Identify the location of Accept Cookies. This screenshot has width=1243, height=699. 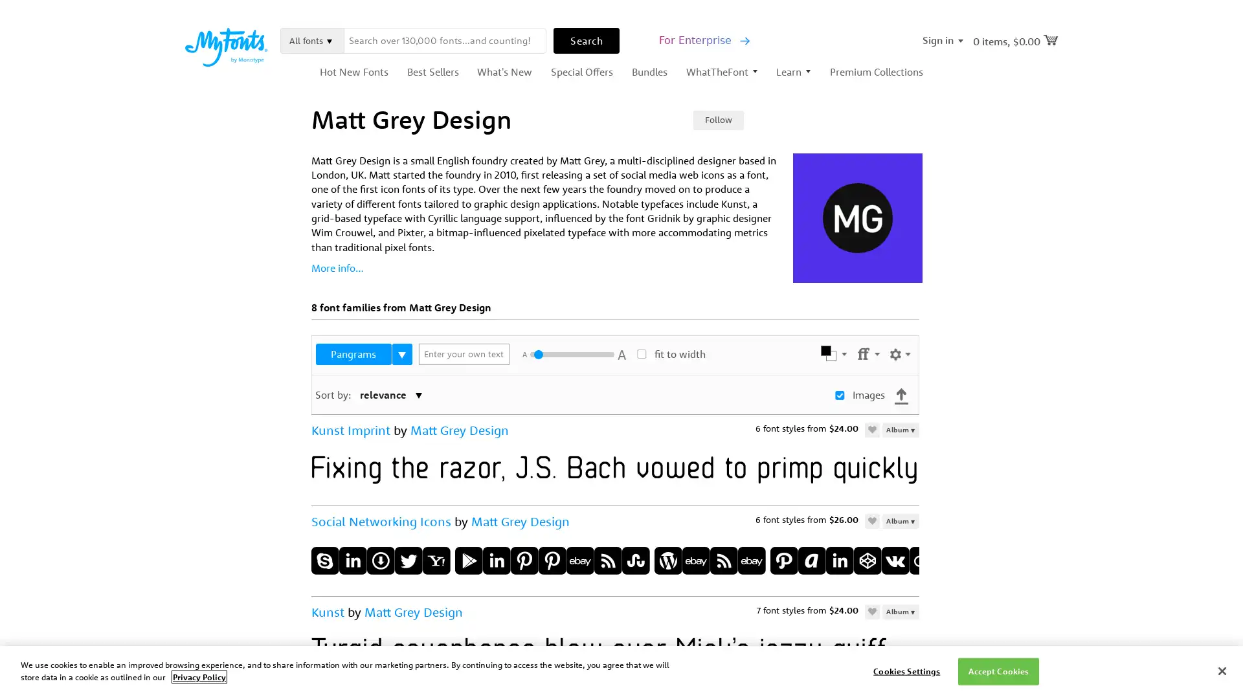
(998, 671).